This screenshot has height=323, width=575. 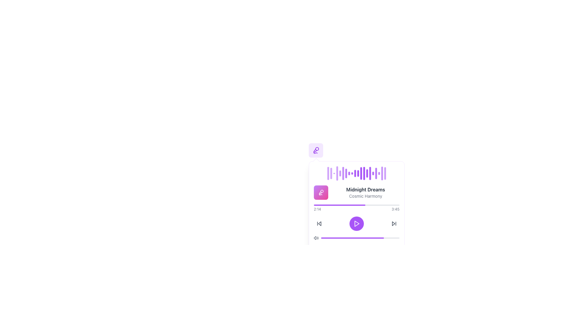 I want to click on the 'Play' button located at the bottom center of the interface, so click(x=356, y=224).